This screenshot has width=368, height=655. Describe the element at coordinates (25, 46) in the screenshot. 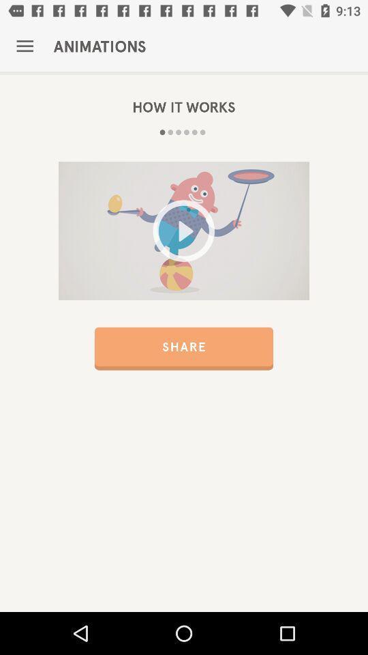

I see `item next to the animations` at that location.